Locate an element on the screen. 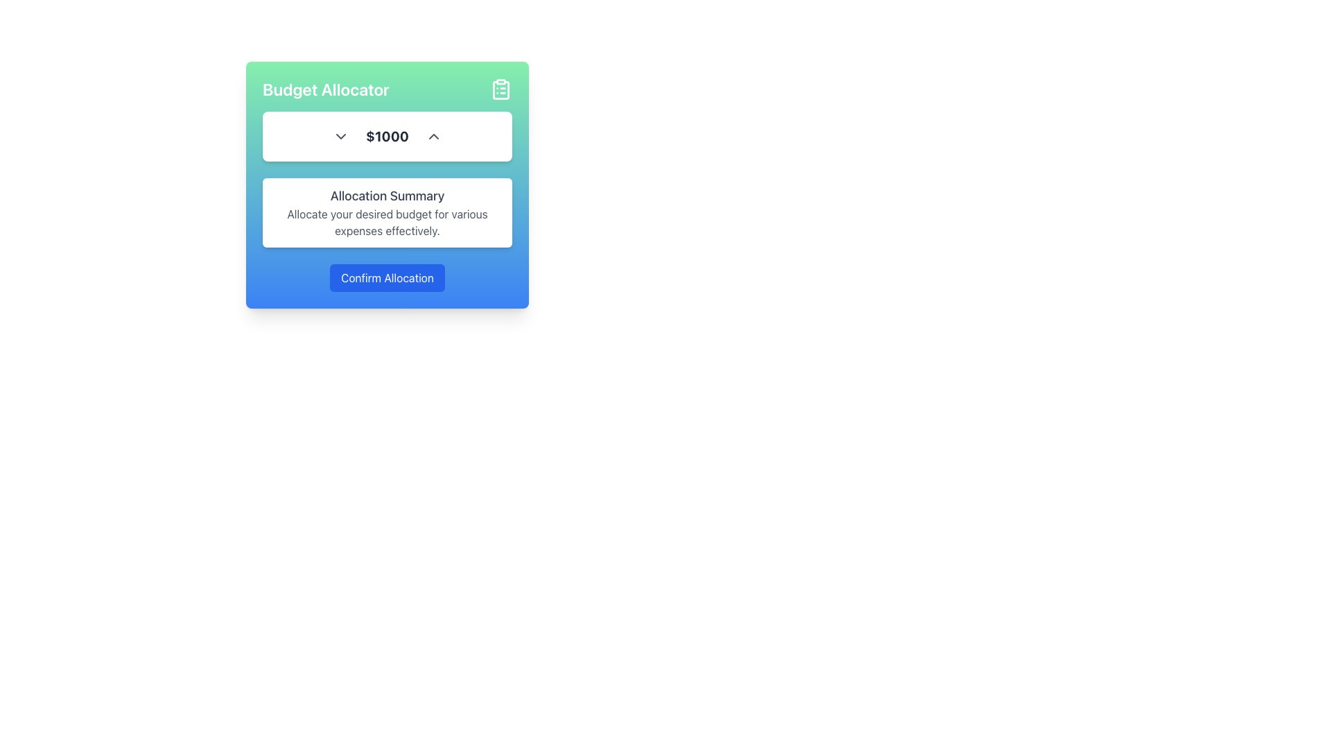  the chevron button located to the left of the '$1000' text in the rounded rectangular component of the 'Budget Allocator' interface is located at coordinates (341, 136).